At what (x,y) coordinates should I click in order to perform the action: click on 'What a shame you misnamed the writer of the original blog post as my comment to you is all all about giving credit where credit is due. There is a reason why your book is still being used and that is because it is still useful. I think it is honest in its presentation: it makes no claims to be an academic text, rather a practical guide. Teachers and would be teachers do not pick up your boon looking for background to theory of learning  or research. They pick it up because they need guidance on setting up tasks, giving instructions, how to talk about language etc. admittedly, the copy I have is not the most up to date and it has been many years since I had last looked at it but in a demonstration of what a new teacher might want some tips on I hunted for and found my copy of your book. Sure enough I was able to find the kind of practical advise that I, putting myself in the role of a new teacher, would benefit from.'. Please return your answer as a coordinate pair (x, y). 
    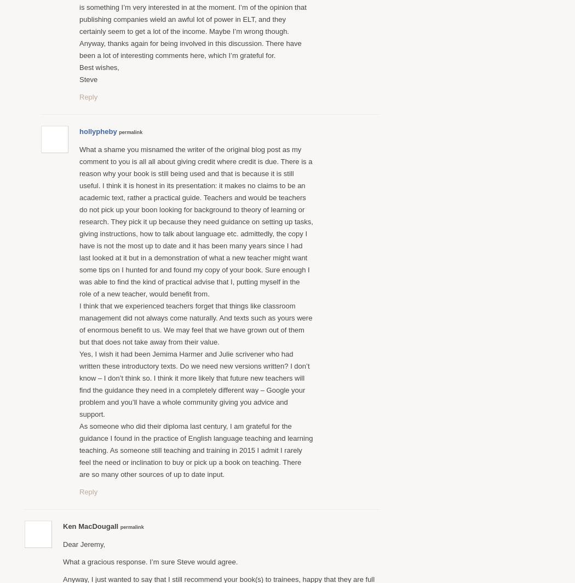
    Looking at the image, I should click on (79, 221).